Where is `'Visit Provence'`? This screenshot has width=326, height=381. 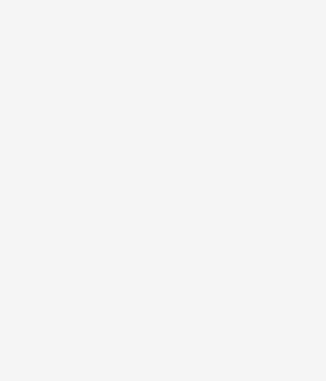 'Visit Provence' is located at coordinates (50, 52).